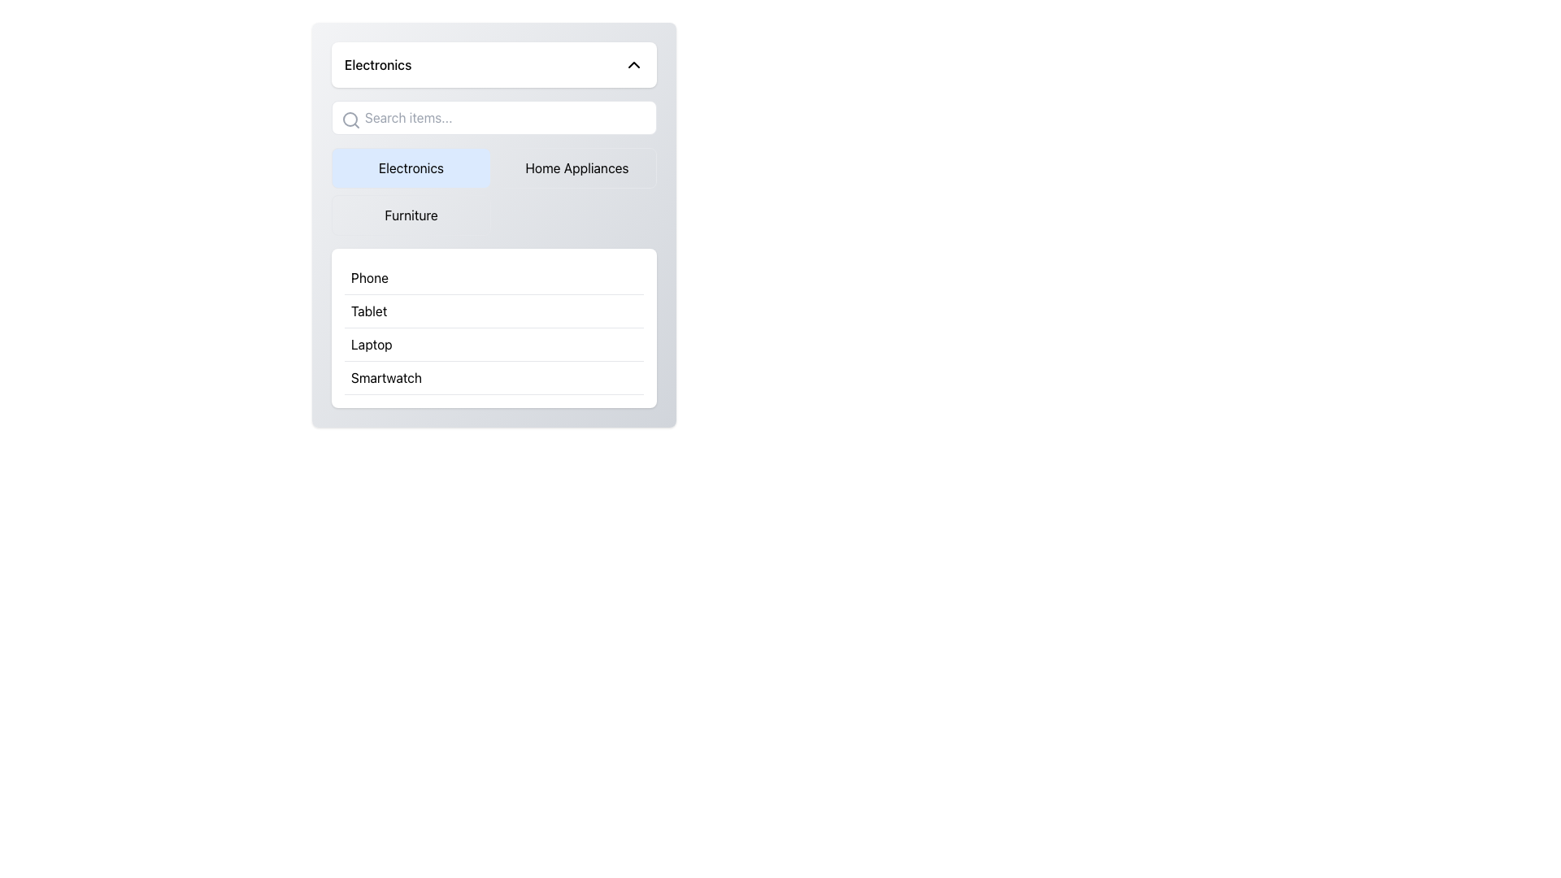 This screenshot has width=1561, height=878. I want to click on the 'Home Appliances' button, which is a rectangular button with black text on a light background, located in a grid layout above the 'Furniture' button and to the right of the 'Electronics' button, so click(577, 168).